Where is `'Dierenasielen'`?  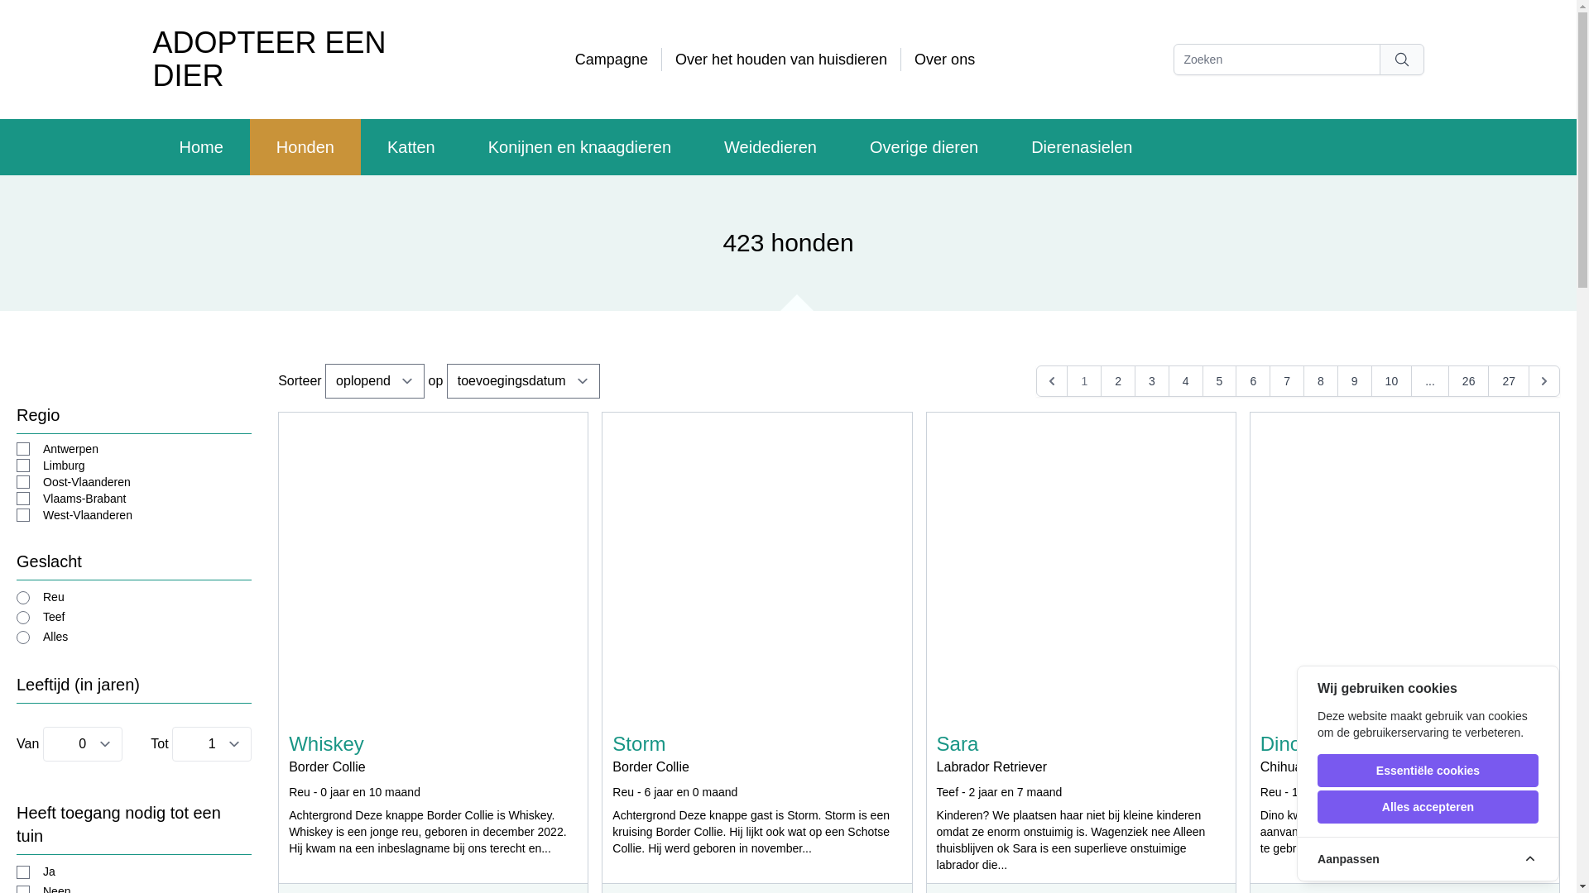
'Dierenasielen' is located at coordinates (1081, 146).